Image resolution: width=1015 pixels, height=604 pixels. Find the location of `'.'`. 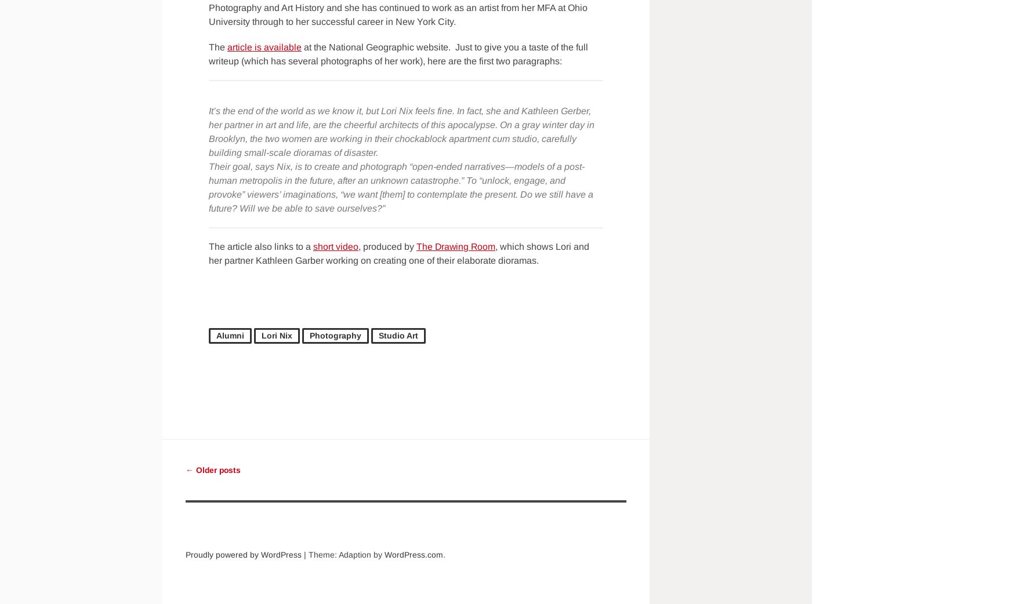

'.' is located at coordinates (443, 554).